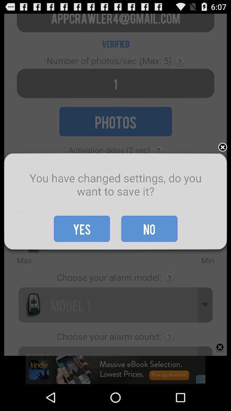 This screenshot has height=411, width=231. What do you see at coordinates (82, 228) in the screenshot?
I see `app below you have changed app` at bounding box center [82, 228].